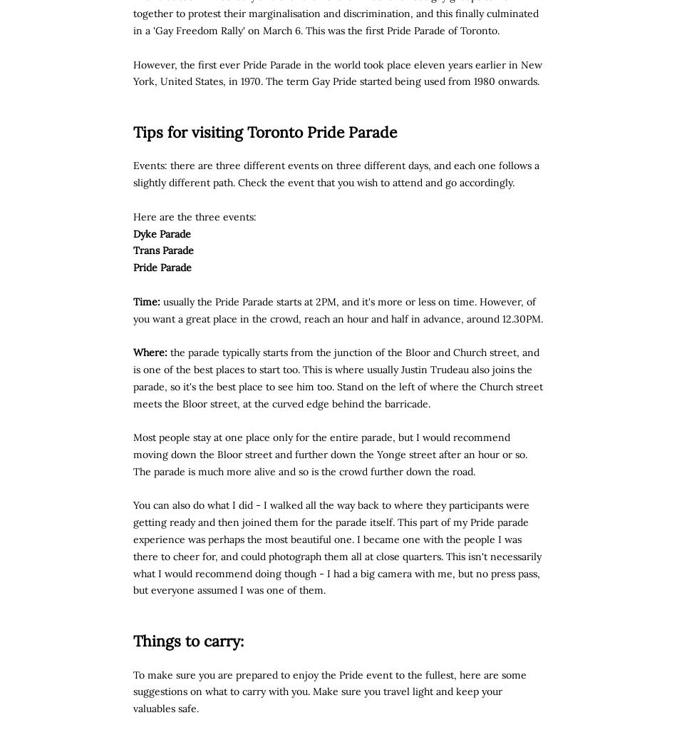 Image resolution: width=677 pixels, height=740 pixels. I want to click on 'Pride Parade', so click(162, 266).